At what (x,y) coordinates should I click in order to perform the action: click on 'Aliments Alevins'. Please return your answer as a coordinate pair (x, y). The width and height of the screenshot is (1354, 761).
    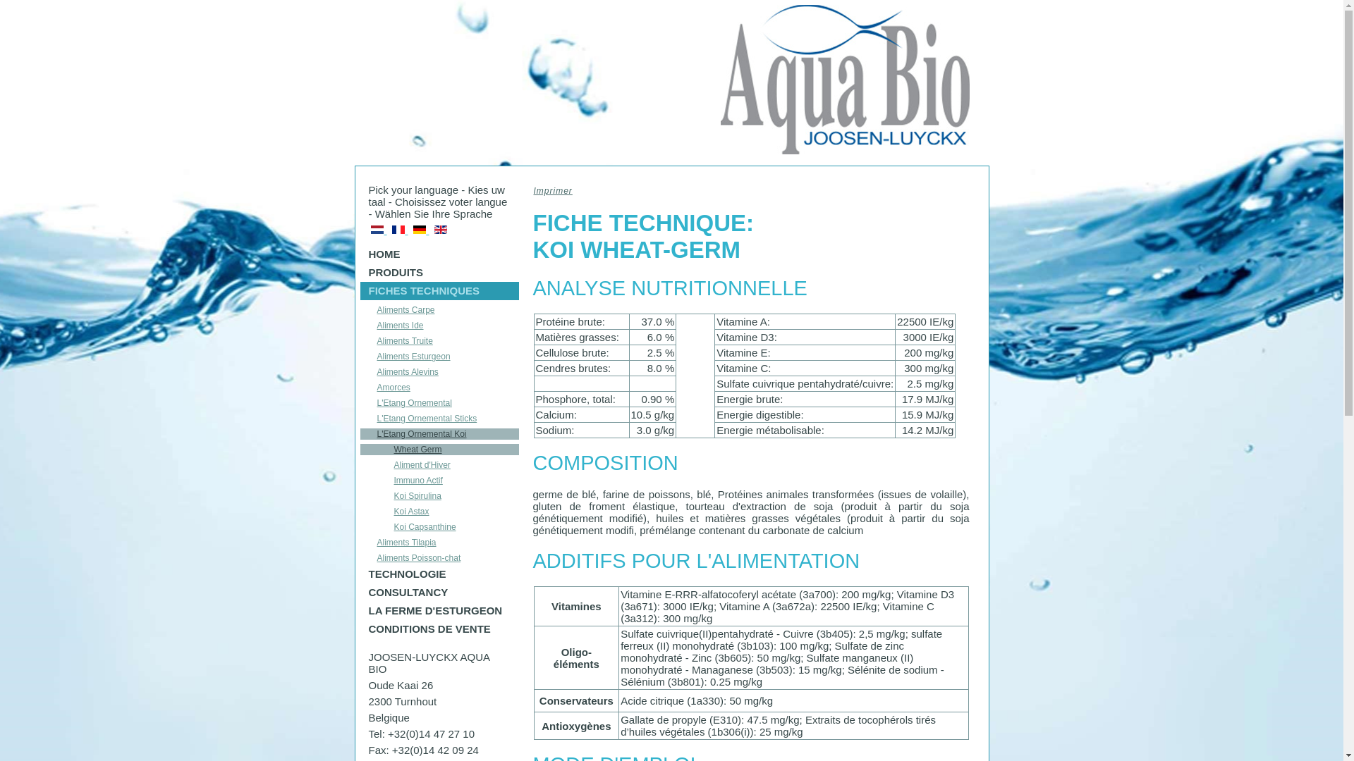
    Looking at the image, I should click on (438, 371).